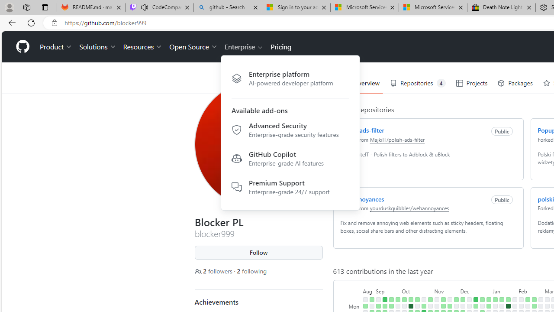 This screenshot has height=312, width=554. I want to click on 'August', so click(368, 290).